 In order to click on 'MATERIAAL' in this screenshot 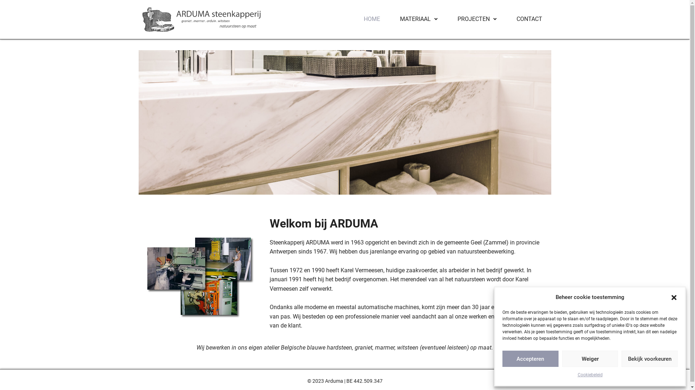, I will do `click(418, 19)`.